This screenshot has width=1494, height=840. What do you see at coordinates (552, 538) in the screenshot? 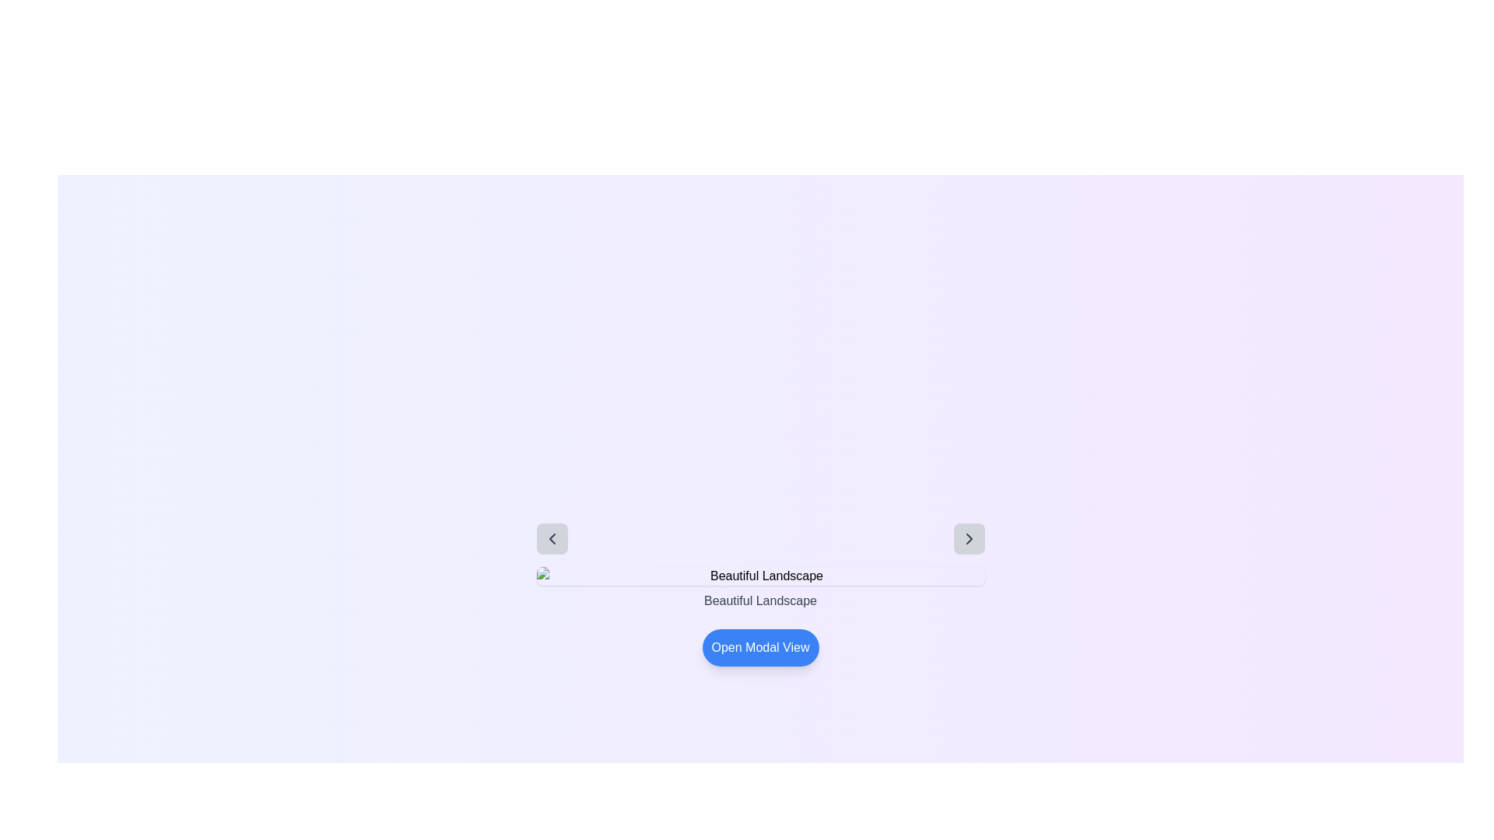
I see `the left-facing Chevron button located in the top-left corner of the central interactive area` at bounding box center [552, 538].